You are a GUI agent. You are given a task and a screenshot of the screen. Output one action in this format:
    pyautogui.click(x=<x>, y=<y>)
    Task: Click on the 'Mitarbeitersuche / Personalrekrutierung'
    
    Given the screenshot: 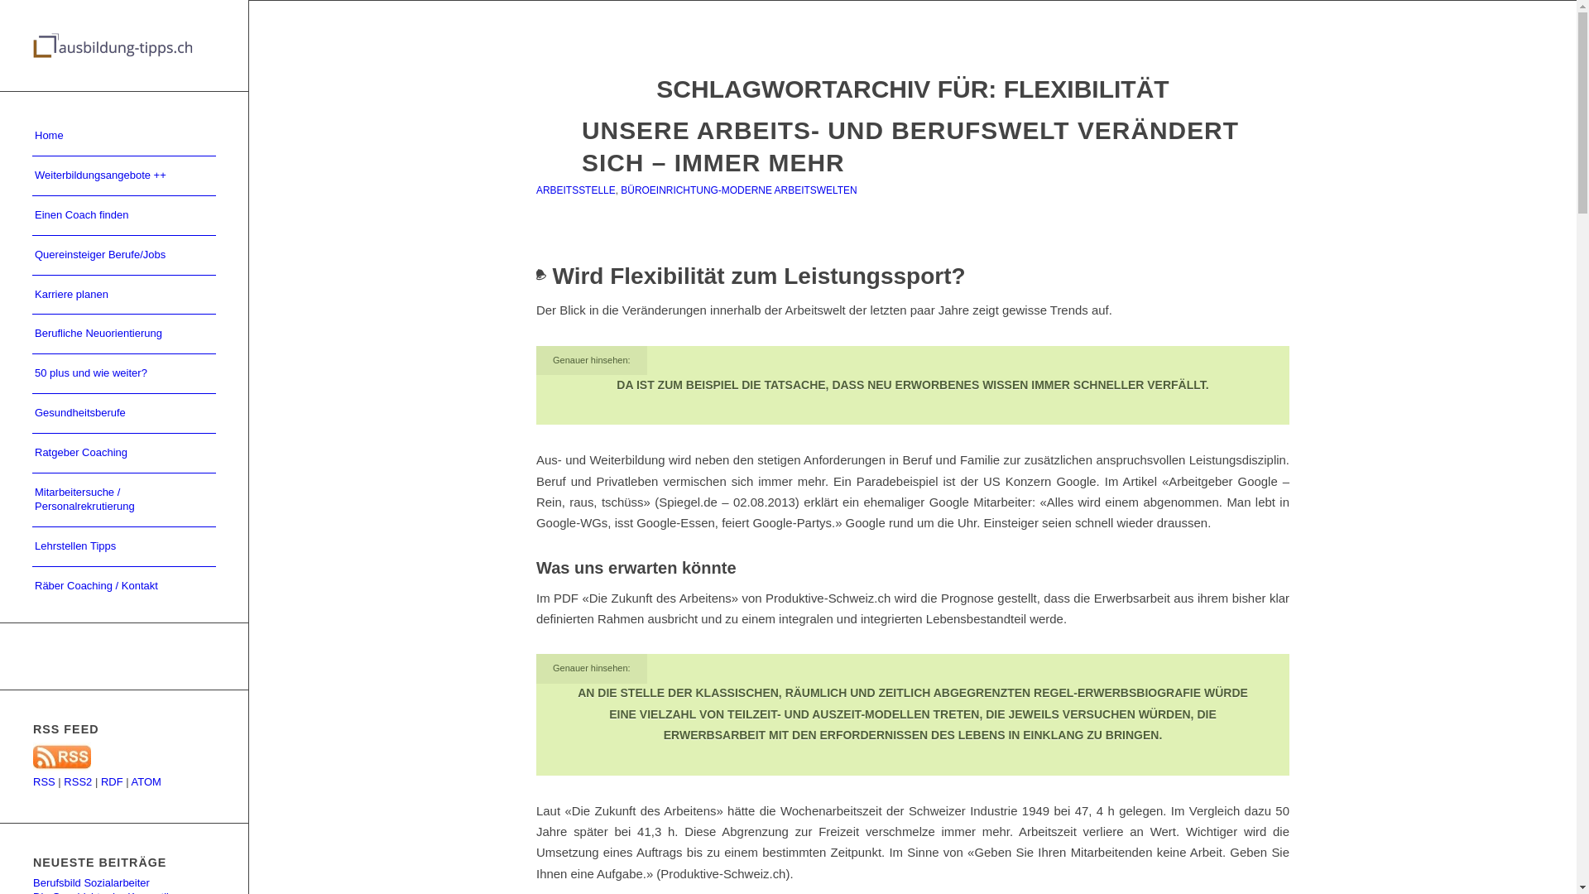 What is the action you would take?
    pyautogui.click(x=122, y=499)
    